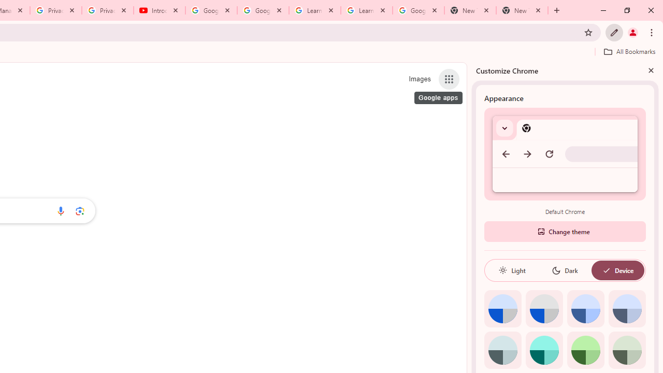 The image size is (663, 373). What do you see at coordinates (617, 270) in the screenshot?
I see `'Device'` at bounding box center [617, 270].